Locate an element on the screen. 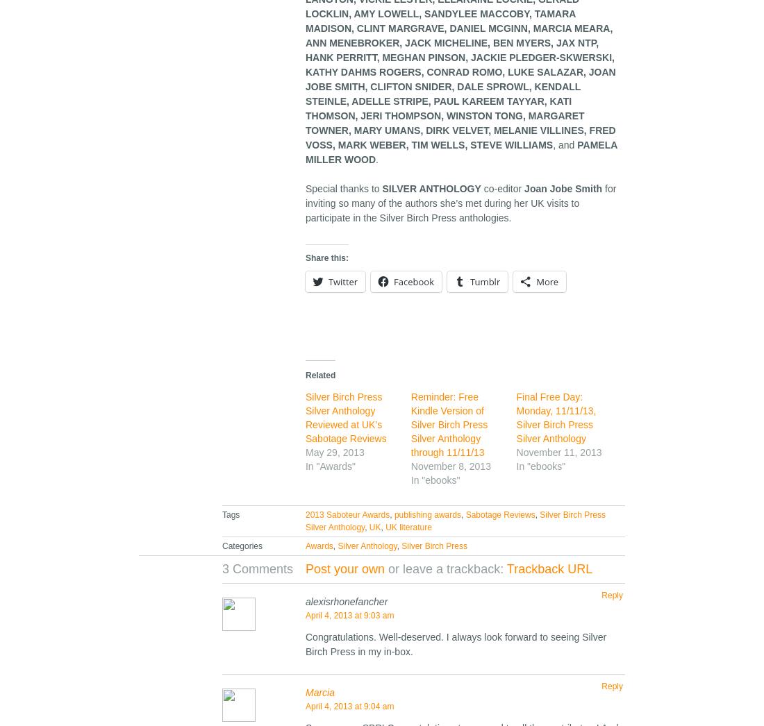  'for inviting so many of the authors she’s met during her UK visits to participate in the Silver Birch Press anthologies.' is located at coordinates (460, 203).